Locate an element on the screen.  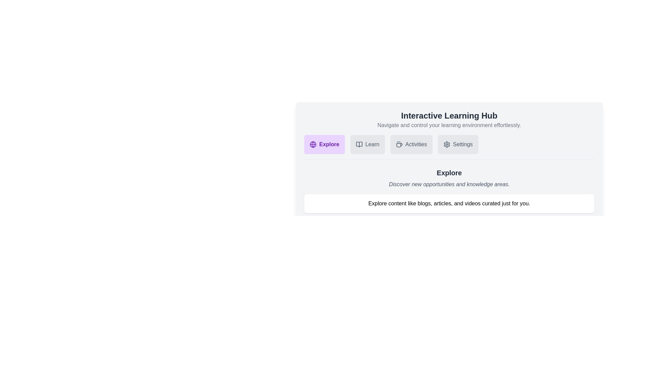
the text label displaying 'Interactive Learning Hub' which is in large, bold, dark gray font, located at the top of its section is located at coordinates (449, 115).